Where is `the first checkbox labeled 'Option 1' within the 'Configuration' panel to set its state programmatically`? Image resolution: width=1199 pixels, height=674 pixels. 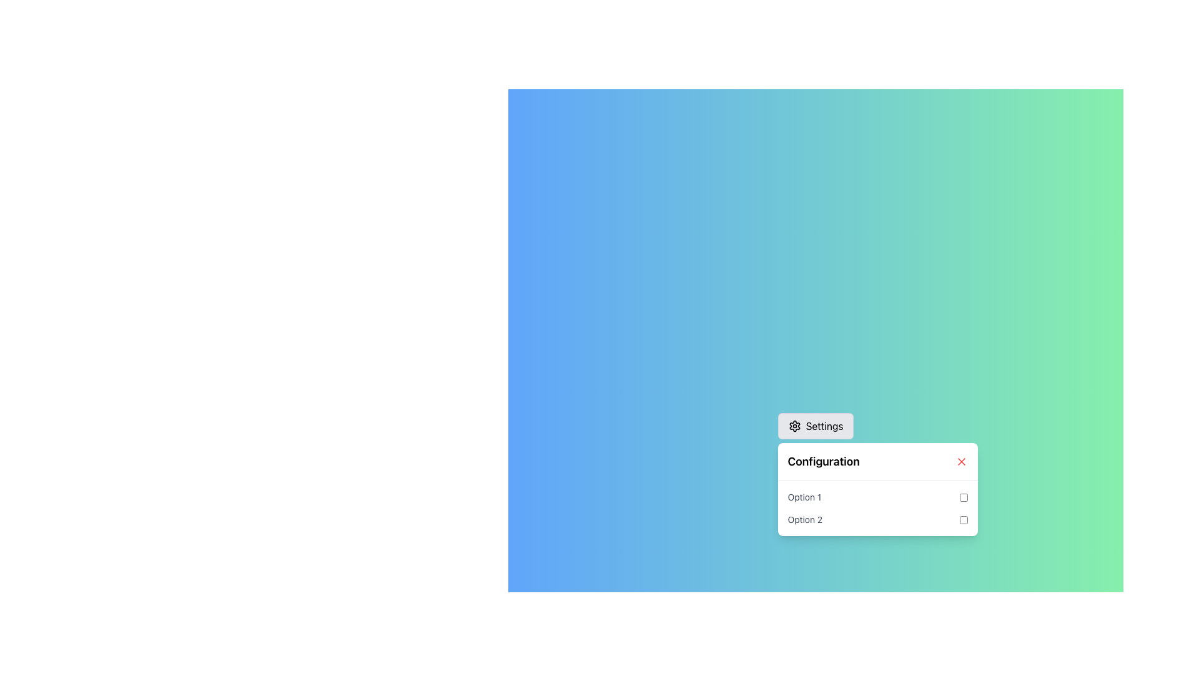 the first checkbox labeled 'Option 1' within the 'Configuration' panel to set its state programmatically is located at coordinates (877, 497).